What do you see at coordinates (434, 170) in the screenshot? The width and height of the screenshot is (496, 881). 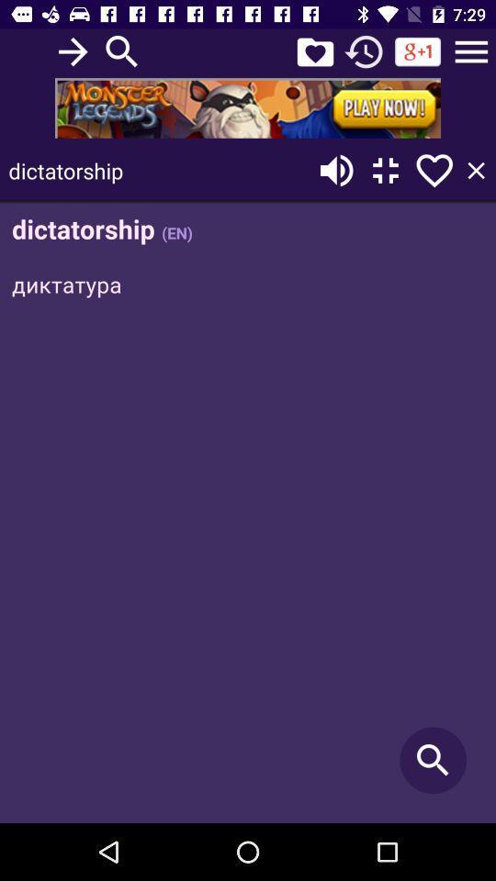 I see `the search` at bounding box center [434, 170].